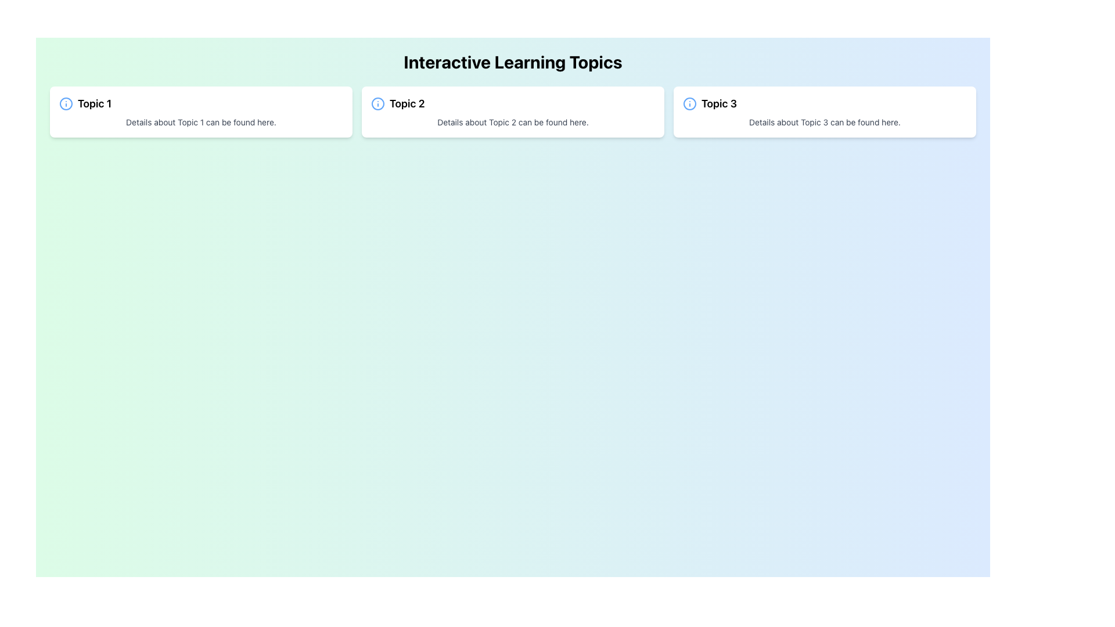 The width and height of the screenshot is (1115, 627). I want to click on the SVG circle component located on the left side of the card labeled 'Topic 1' in the top-left part of the interface, so click(66, 103).